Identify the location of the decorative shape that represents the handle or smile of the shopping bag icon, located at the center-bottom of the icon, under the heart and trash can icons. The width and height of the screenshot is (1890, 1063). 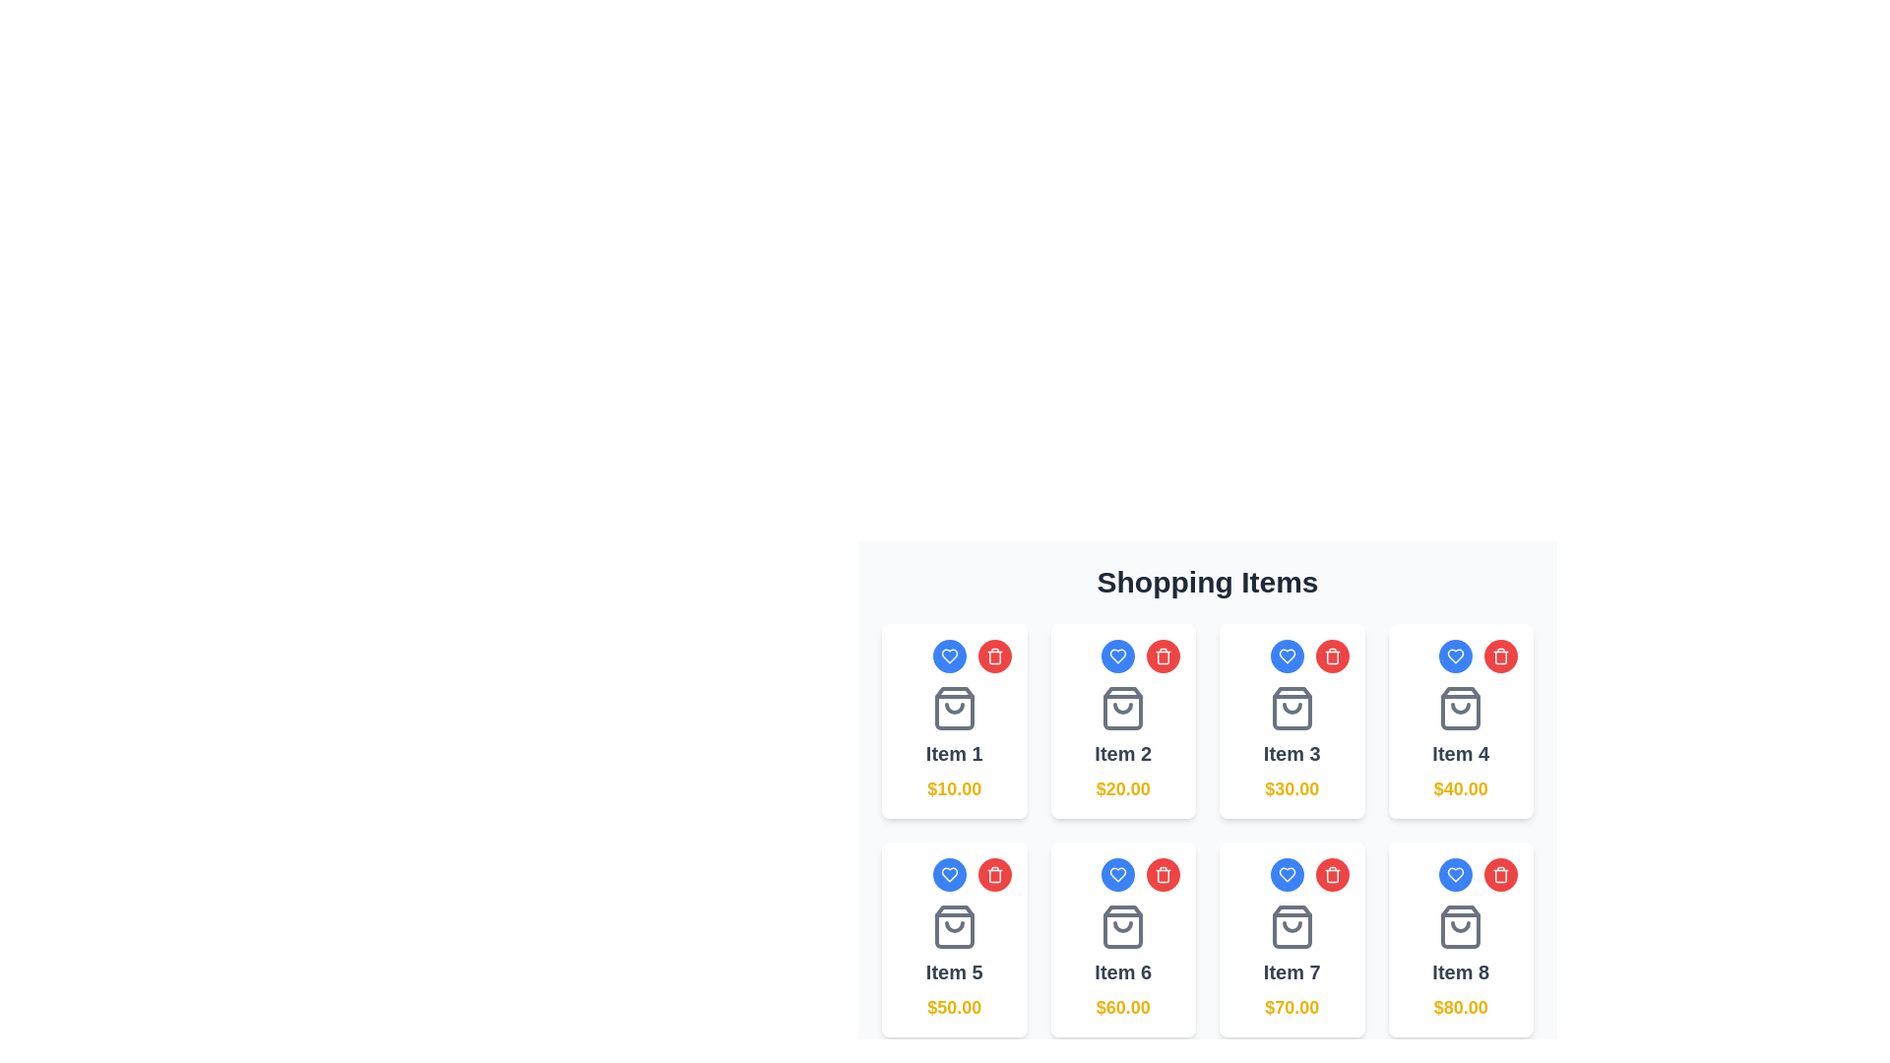
(954, 926).